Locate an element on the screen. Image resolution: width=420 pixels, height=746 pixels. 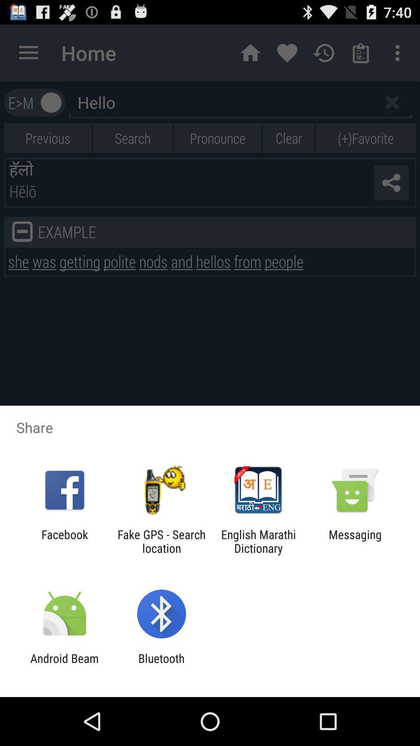
icon to the right of android beam item is located at coordinates (161, 665).